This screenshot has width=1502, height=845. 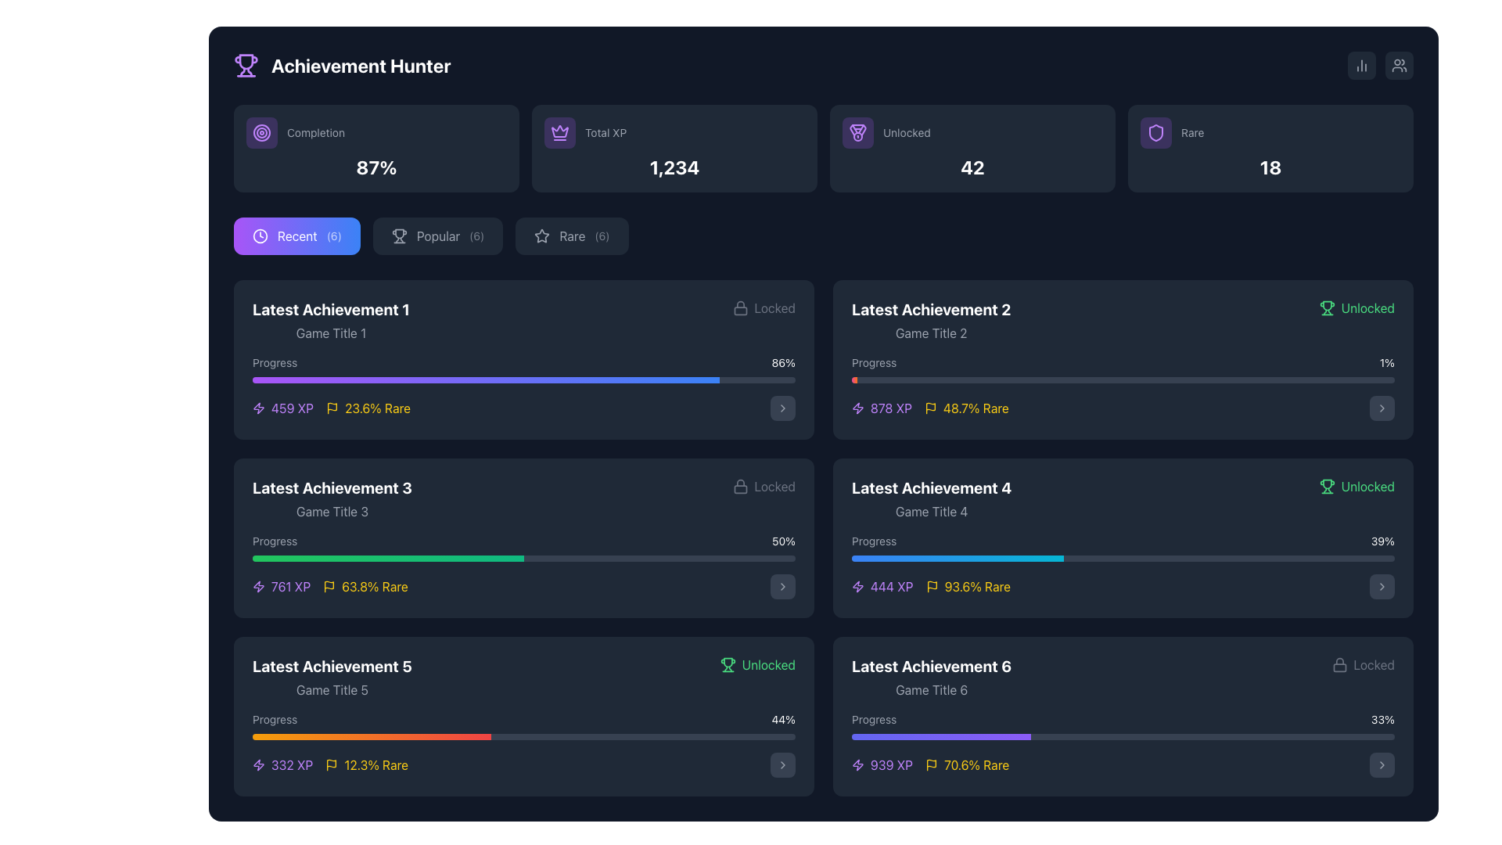 I want to click on the 'Locked' status label with an icon located in the bottom-right corner of the 'Latest Achievement 6' card, so click(x=1362, y=664).